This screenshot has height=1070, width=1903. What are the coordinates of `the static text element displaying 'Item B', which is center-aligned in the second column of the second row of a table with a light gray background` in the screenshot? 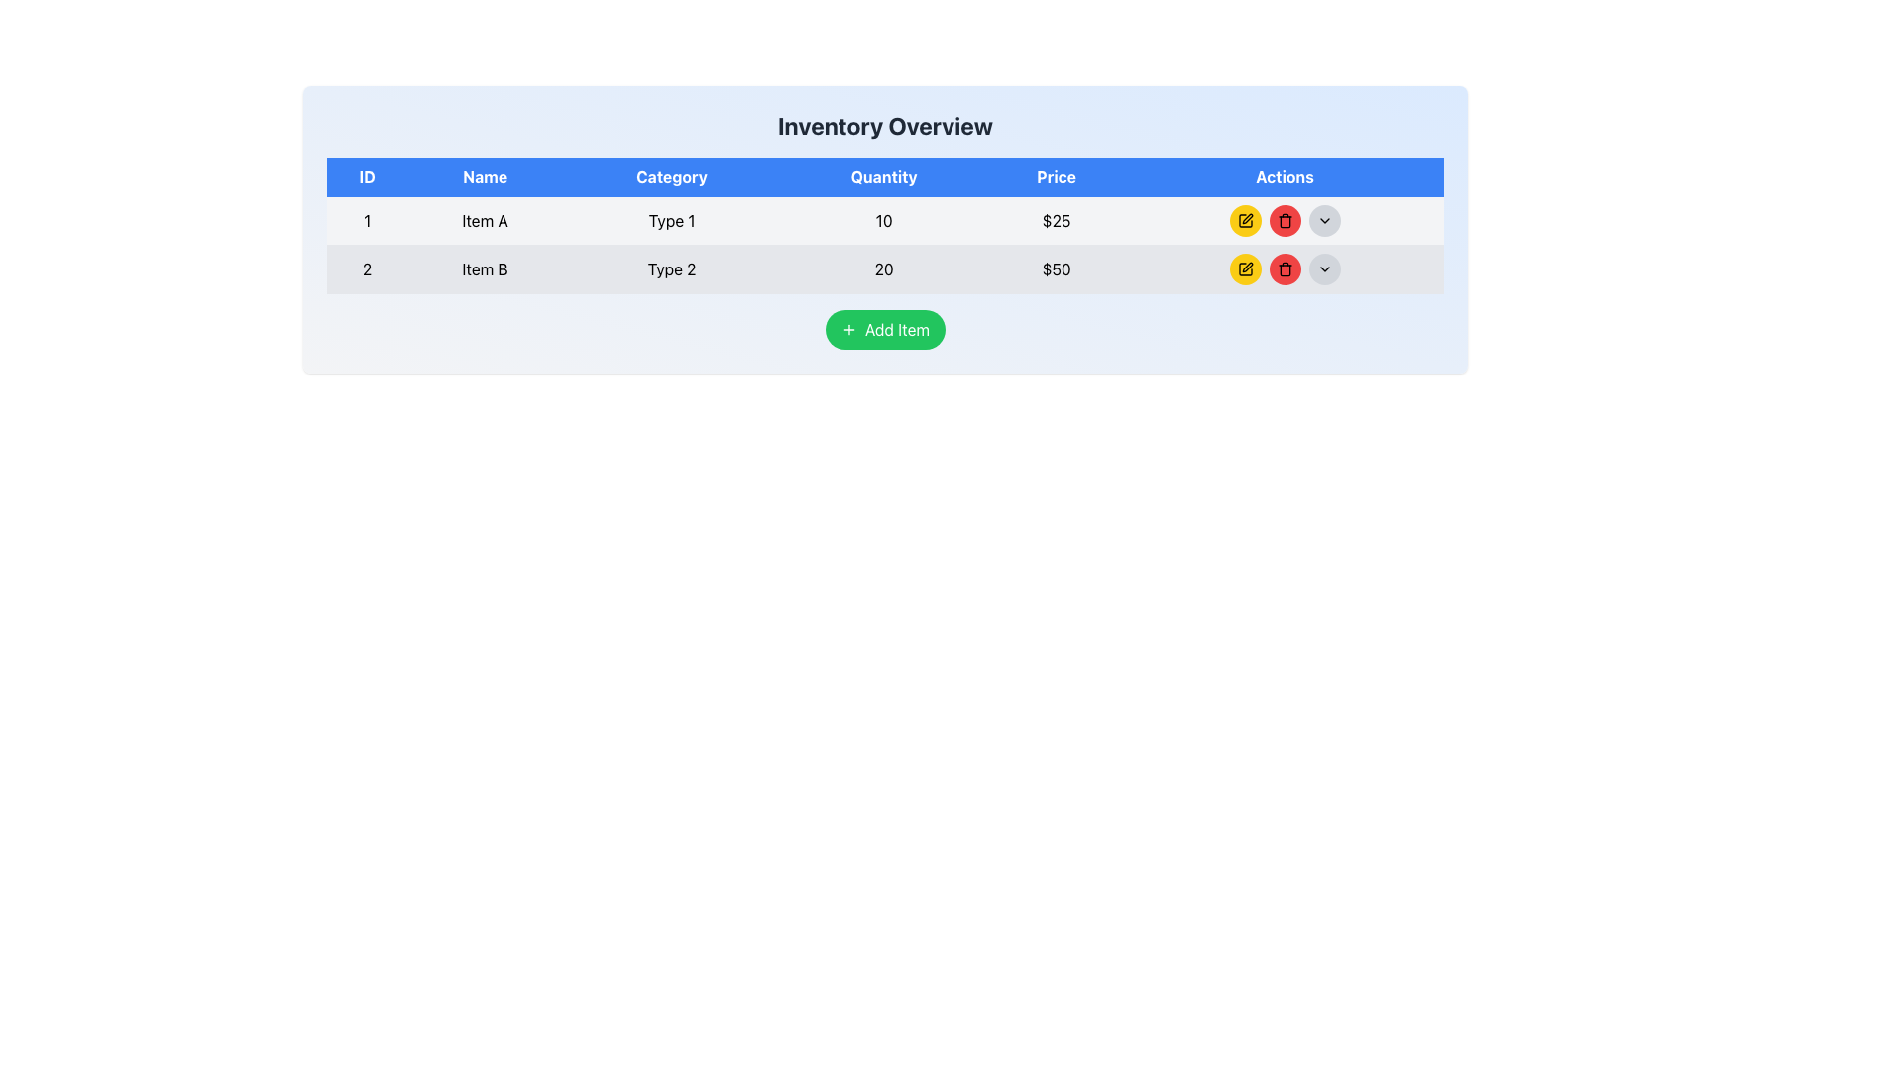 It's located at (485, 269).